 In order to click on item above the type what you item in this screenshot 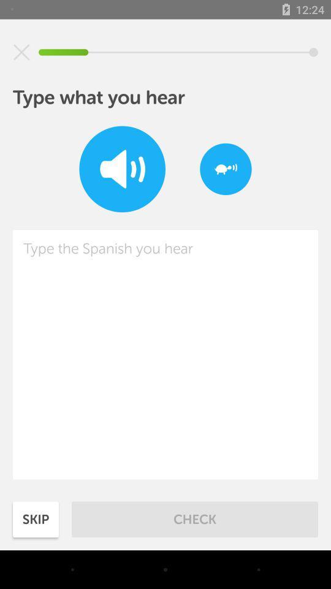, I will do `click(21, 52)`.